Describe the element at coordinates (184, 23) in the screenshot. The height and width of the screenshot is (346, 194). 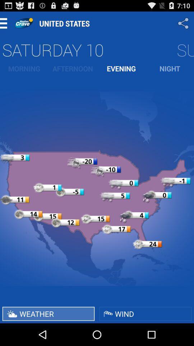
I see `the app above the saturday 10 app` at that location.